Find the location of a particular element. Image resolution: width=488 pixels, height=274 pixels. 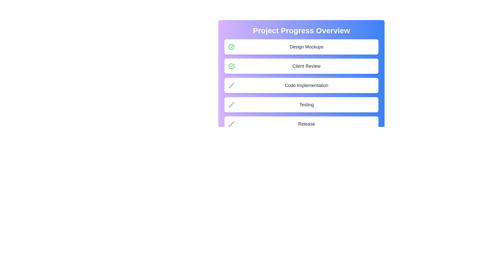

the 'Testing' task card, which is the fourth item is located at coordinates (301, 104).